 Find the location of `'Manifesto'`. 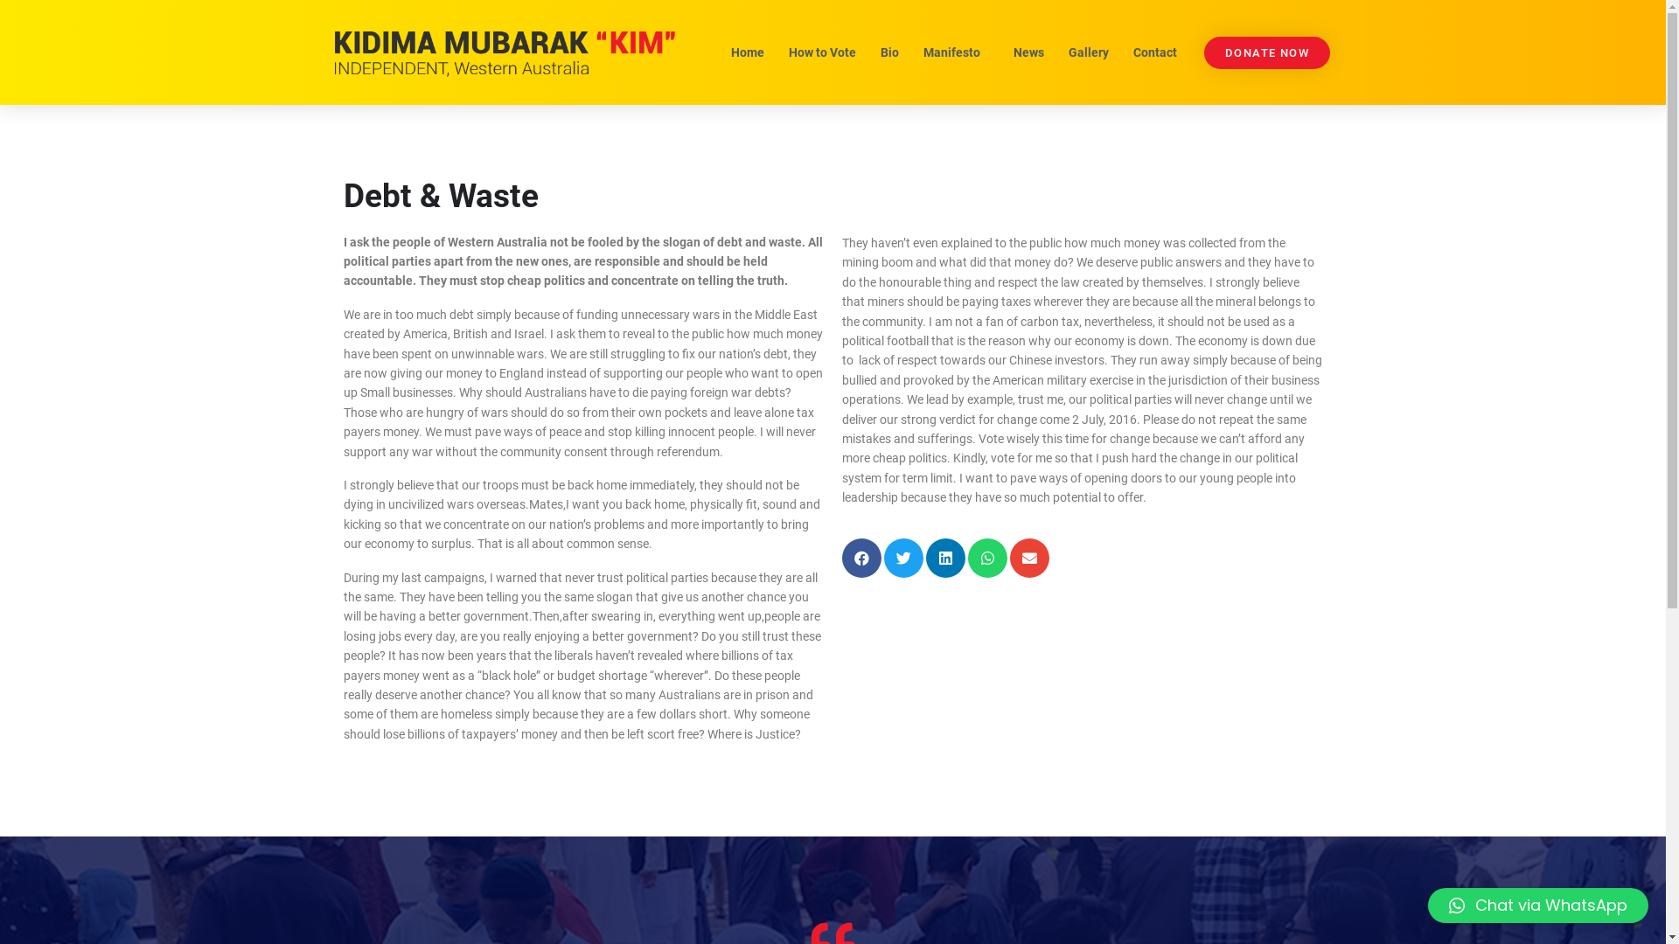

'Manifesto' is located at coordinates (954, 52).